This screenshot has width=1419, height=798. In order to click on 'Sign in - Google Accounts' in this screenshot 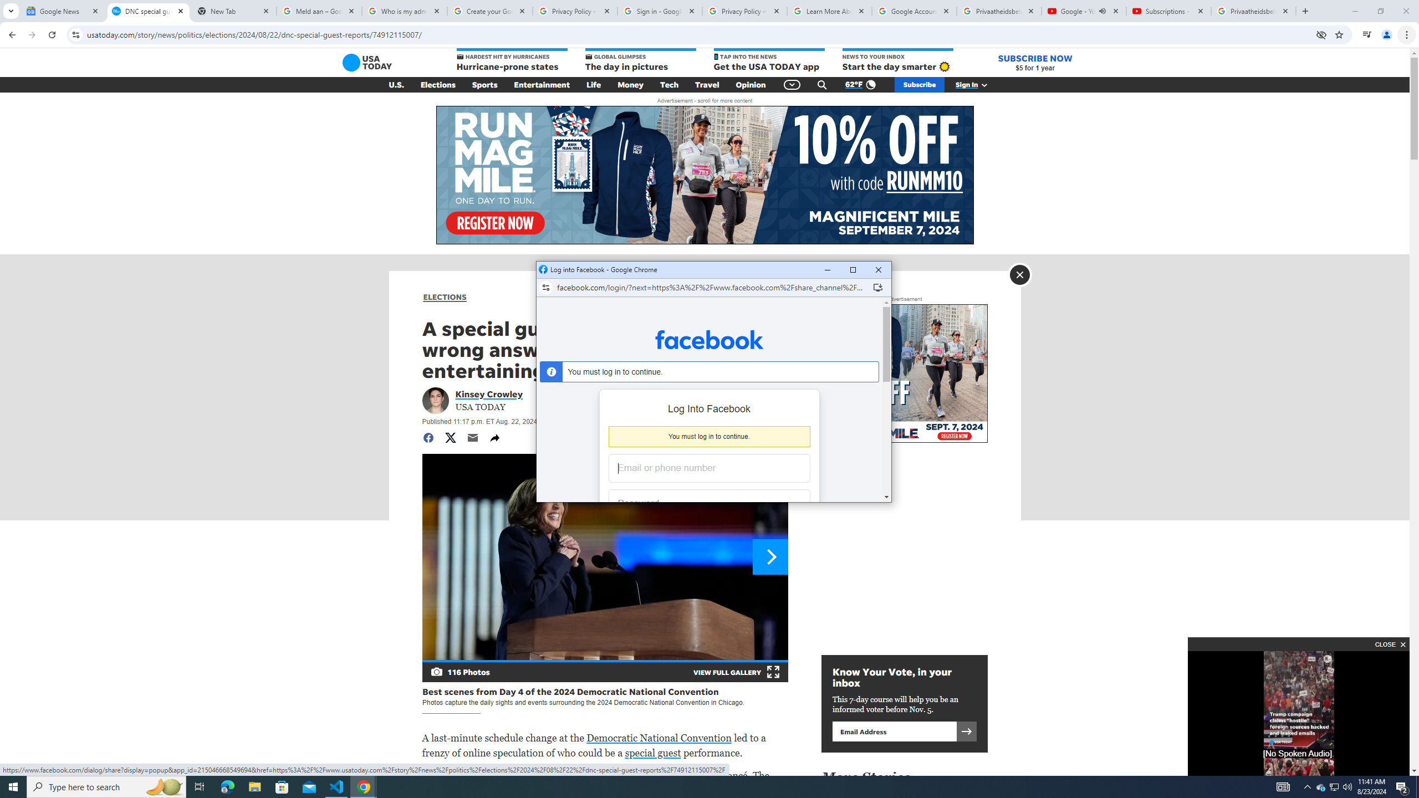, I will do `click(660, 11)`.